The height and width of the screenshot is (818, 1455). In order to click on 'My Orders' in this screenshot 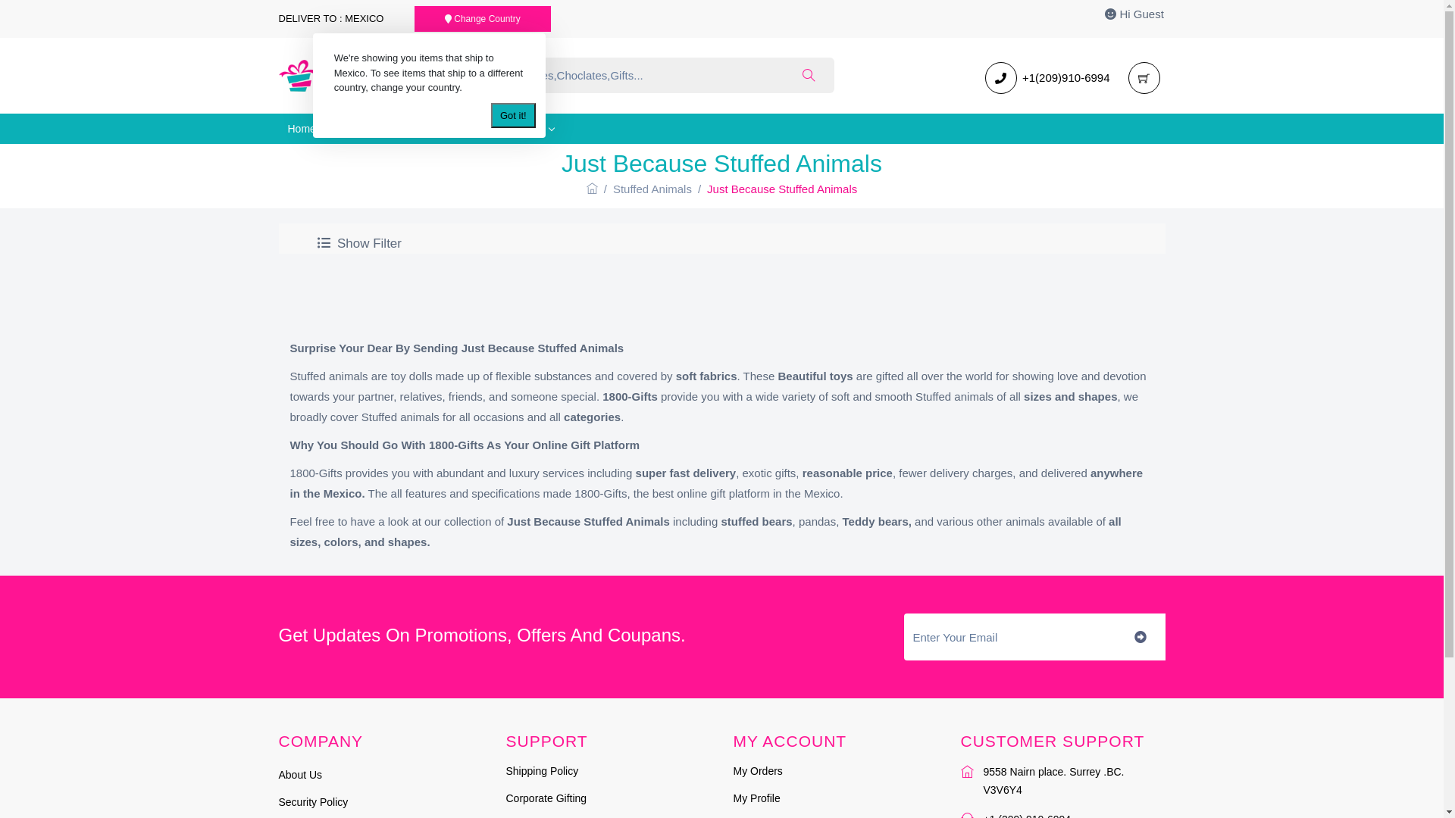, I will do `click(758, 771)`.